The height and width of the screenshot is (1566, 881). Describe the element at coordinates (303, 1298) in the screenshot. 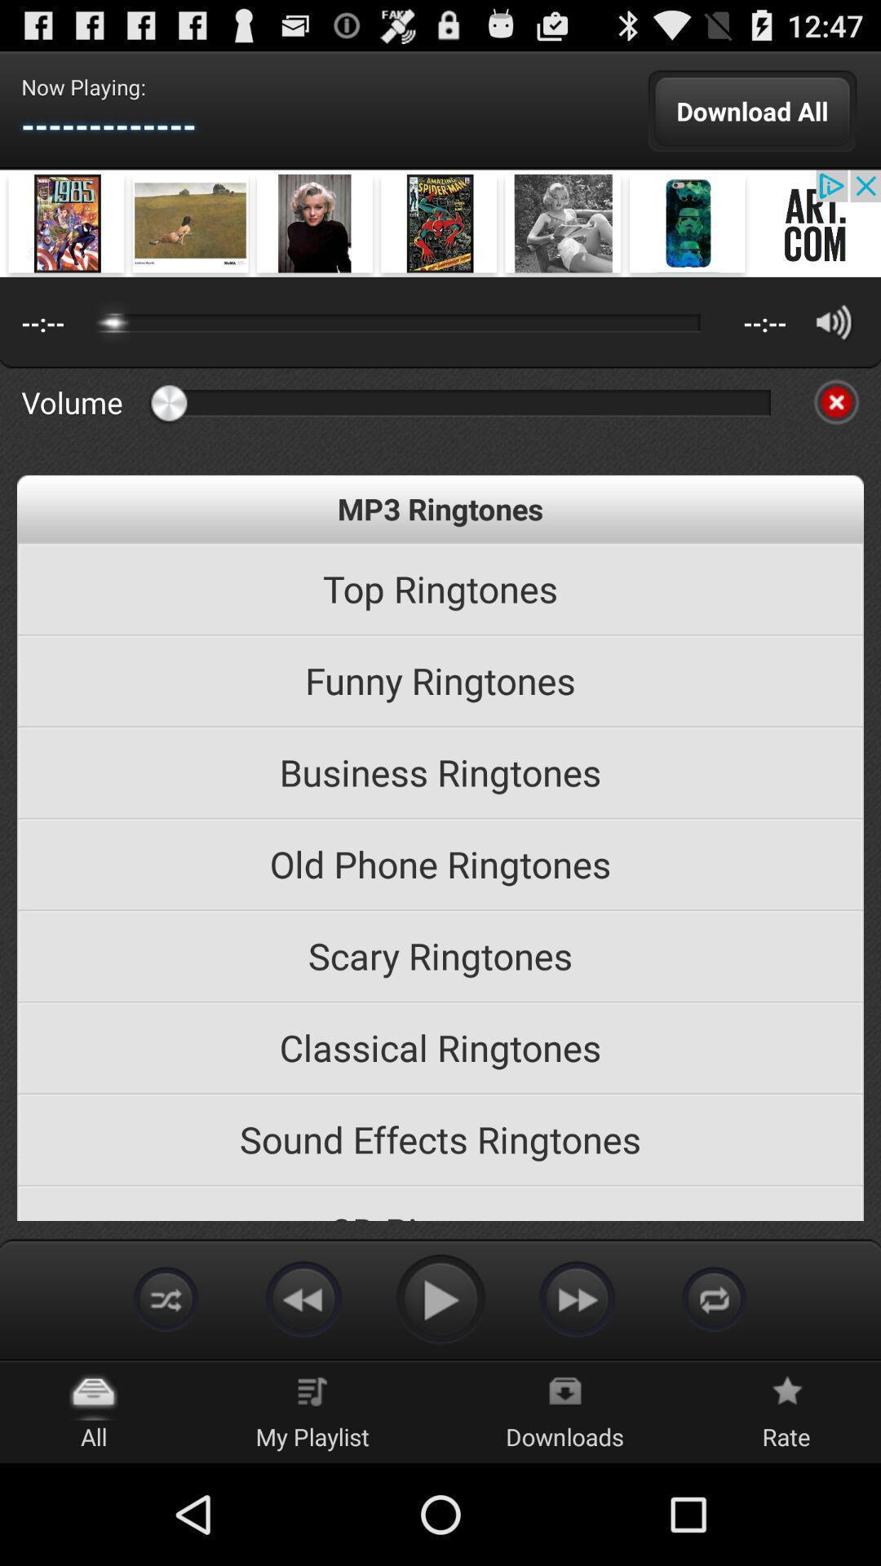

I see `rewind` at that location.